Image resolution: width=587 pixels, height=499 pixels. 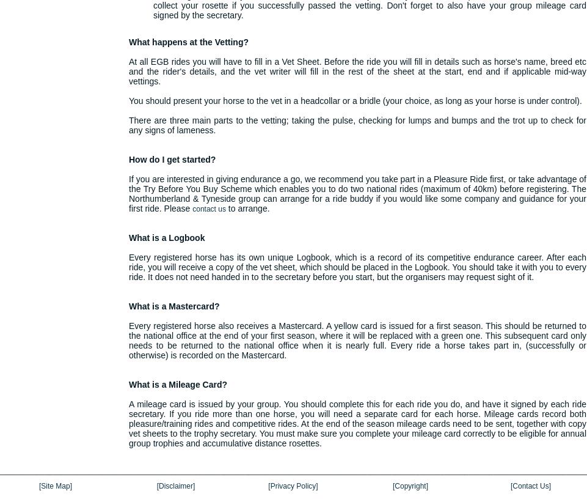 What do you see at coordinates (225, 209) in the screenshot?
I see `'to arrange.'` at bounding box center [225, 209].